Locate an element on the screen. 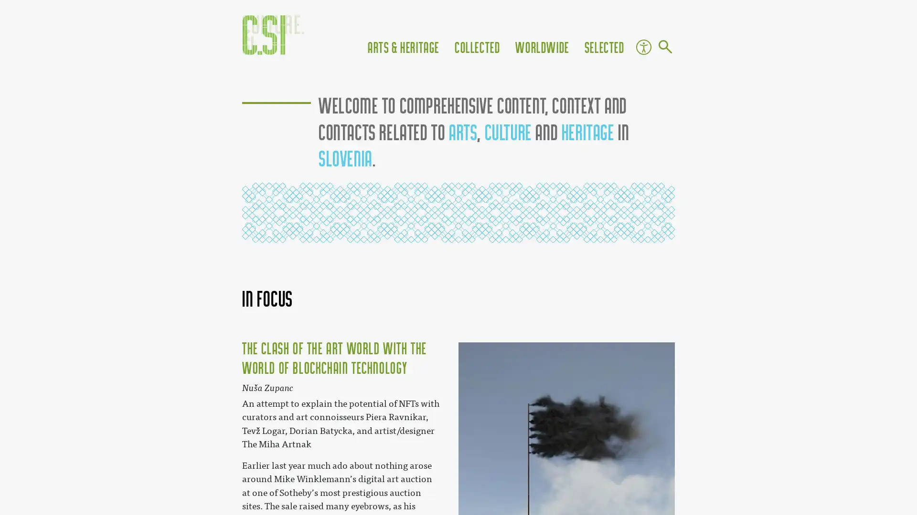 The width and height of the screenshot is (917, 515). Go to page is located at coordinates (664, 48).